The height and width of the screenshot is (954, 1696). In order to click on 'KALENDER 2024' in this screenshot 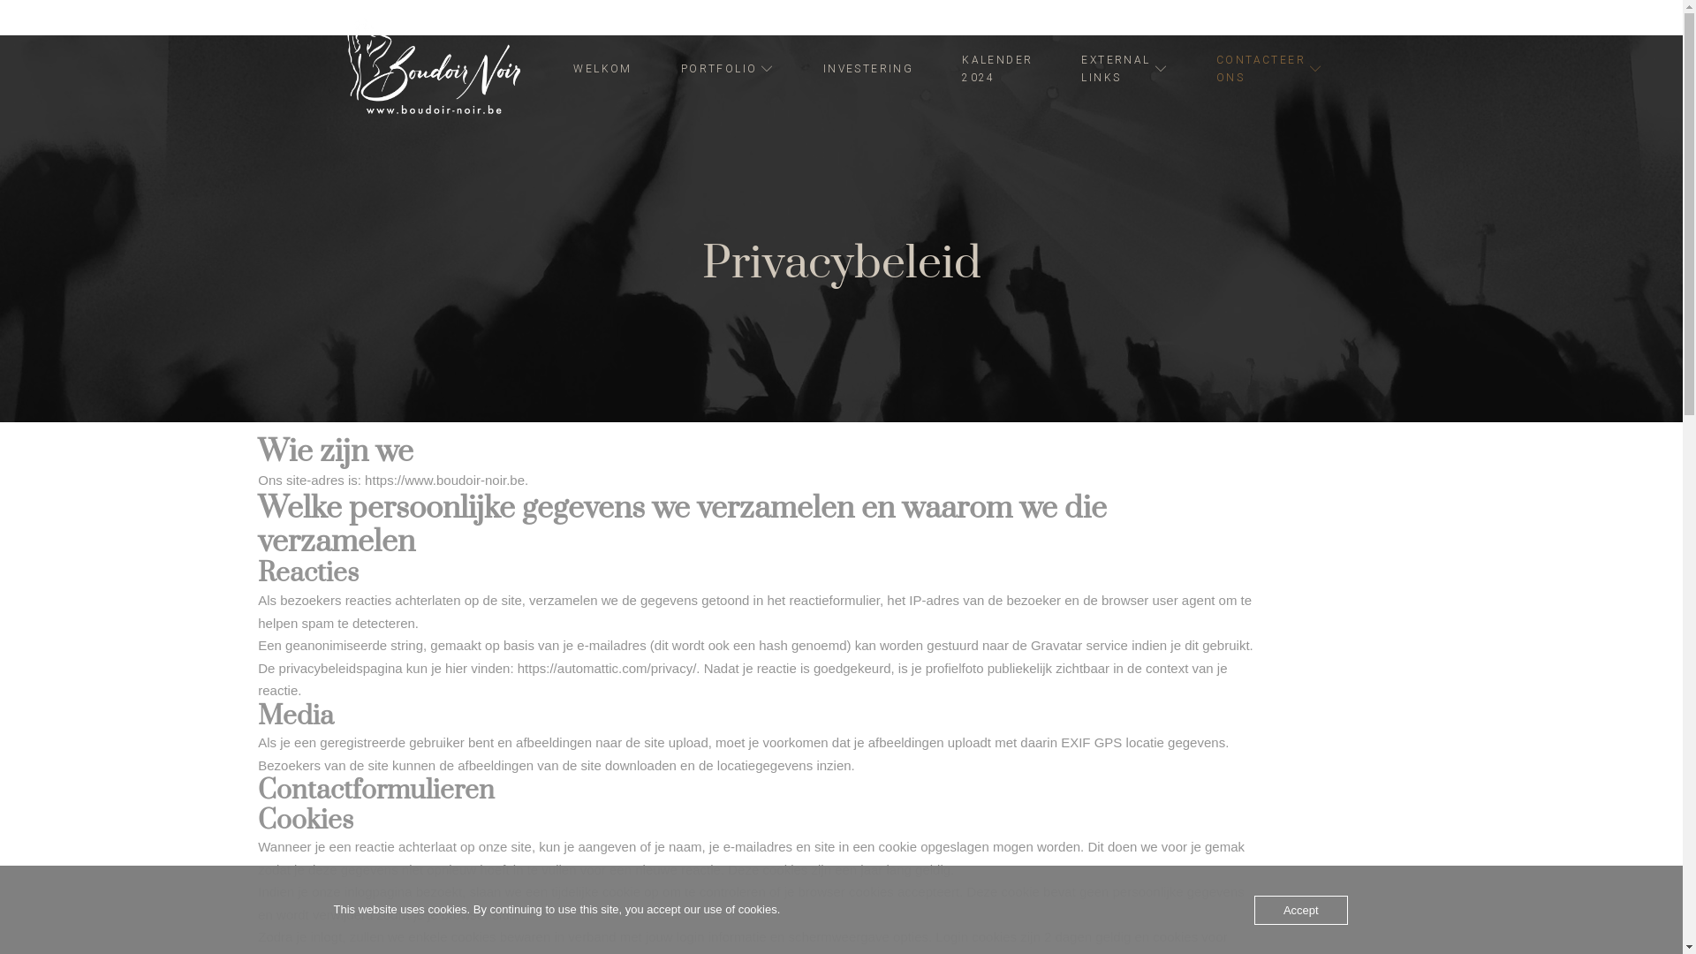, I will do `click(985, 68)`.